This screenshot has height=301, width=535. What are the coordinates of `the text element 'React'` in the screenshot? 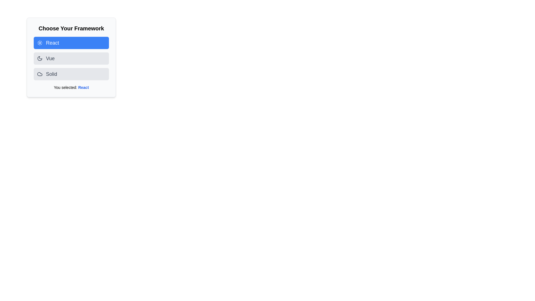 It's located at (83, 87).